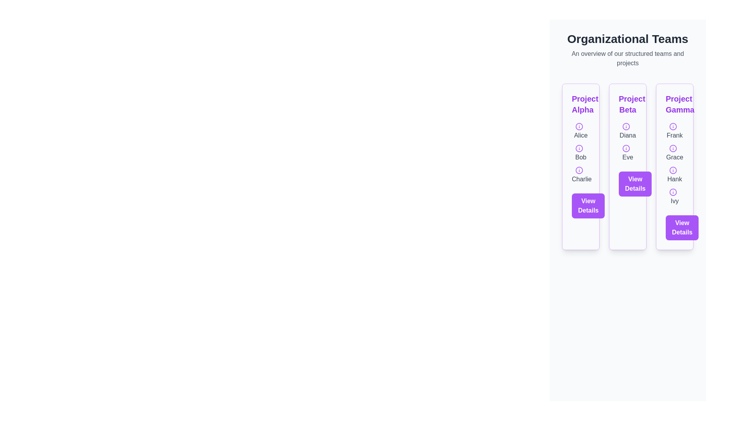 This screenshot has height=422, width=751. Describe the element at coordinates (674, 174) in the screenshot. I see `the text label 'Hank' which is the third item in the 'Project Gamma' column, featuring a purple informational icon above it` at that location.